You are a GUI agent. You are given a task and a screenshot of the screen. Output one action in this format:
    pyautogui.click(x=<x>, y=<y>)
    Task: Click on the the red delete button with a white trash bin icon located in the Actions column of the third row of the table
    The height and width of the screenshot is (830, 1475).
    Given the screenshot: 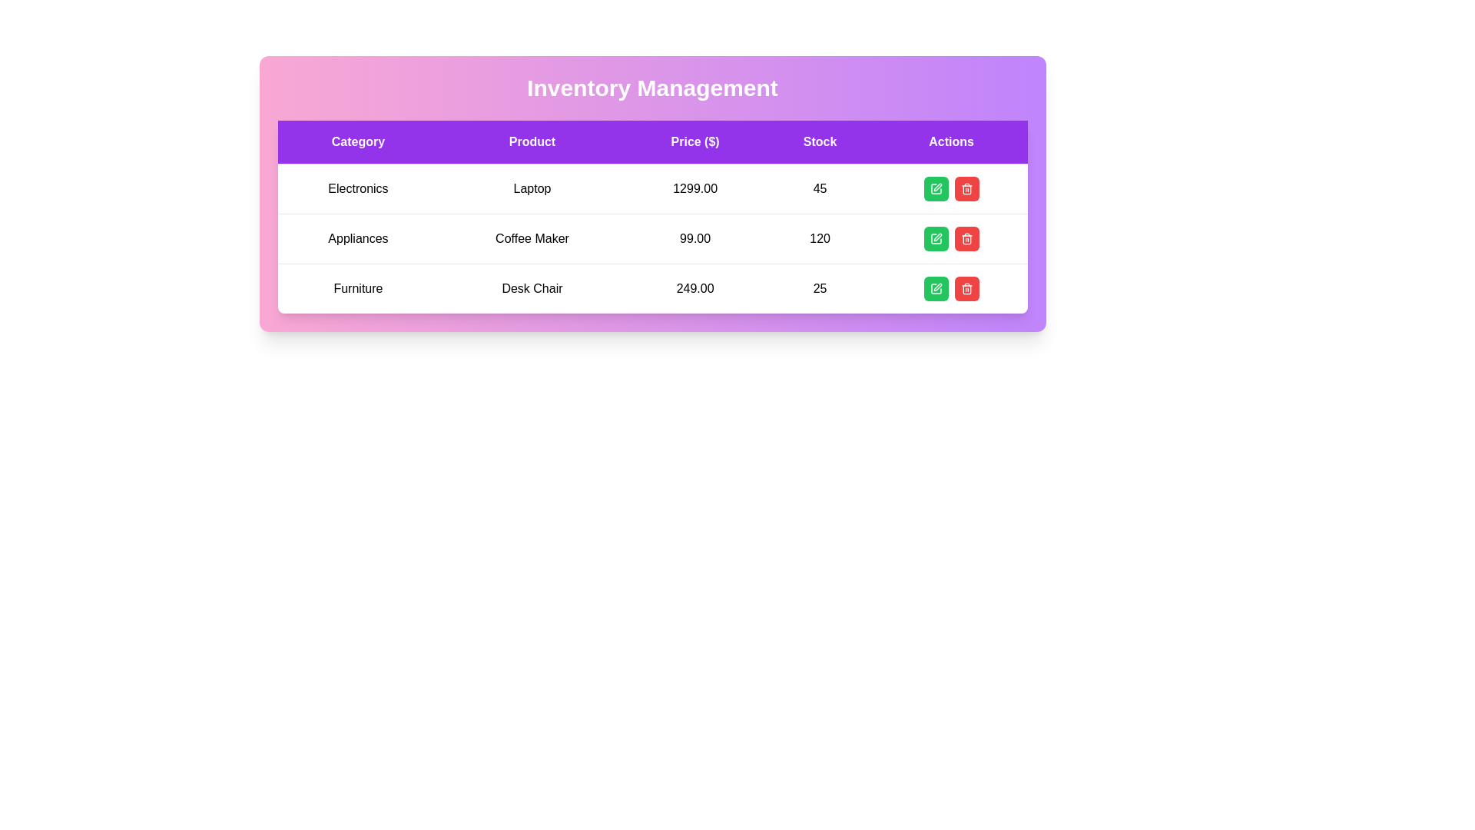 What is the action you would take?
    pyautogui.click(x=966, y=288)
    